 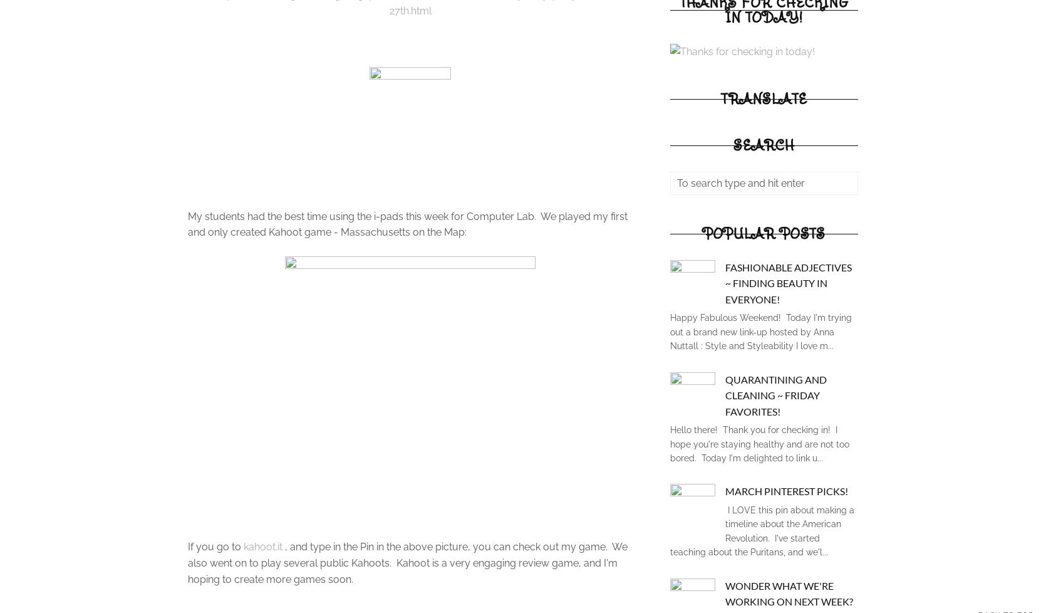 What do you see at coordinates (759, 444) in the screenshot?
I see `'Hello there!  Thank you for checking in!  I hope you're staying healthy and are not too bored.  Today I'm delighted to link u...'` at bounding box center [759, 444].